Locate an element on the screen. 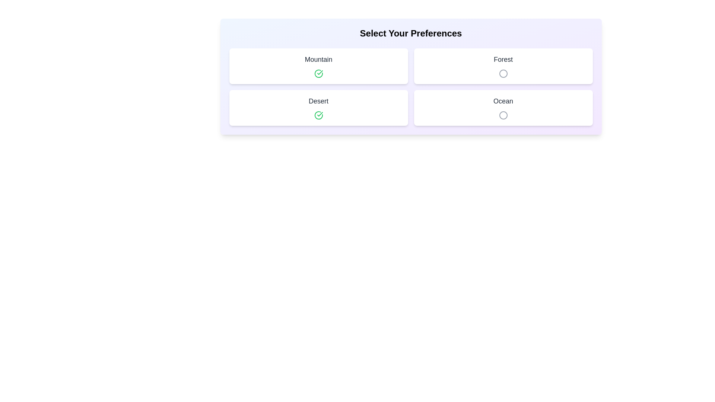  the item Desert by clicking its button is located at coordinates (318, 115).